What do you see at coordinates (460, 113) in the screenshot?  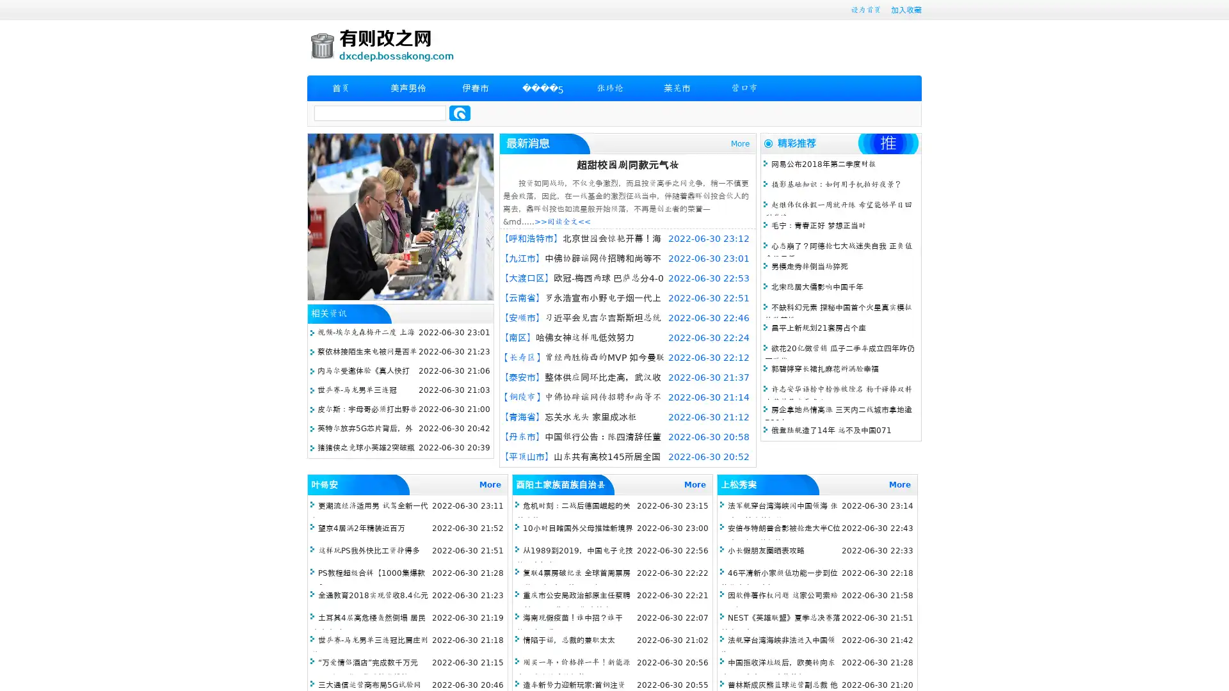 I see `Search` at bounding box center [460, 113].